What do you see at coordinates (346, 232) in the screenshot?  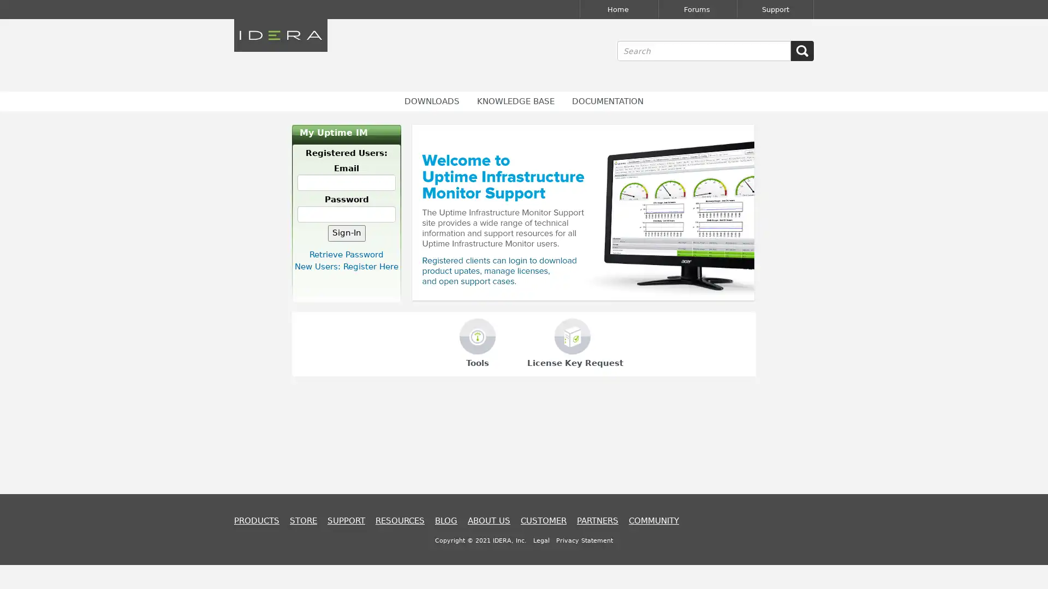 I see `Sign-In` at bounding box center [346, 232].